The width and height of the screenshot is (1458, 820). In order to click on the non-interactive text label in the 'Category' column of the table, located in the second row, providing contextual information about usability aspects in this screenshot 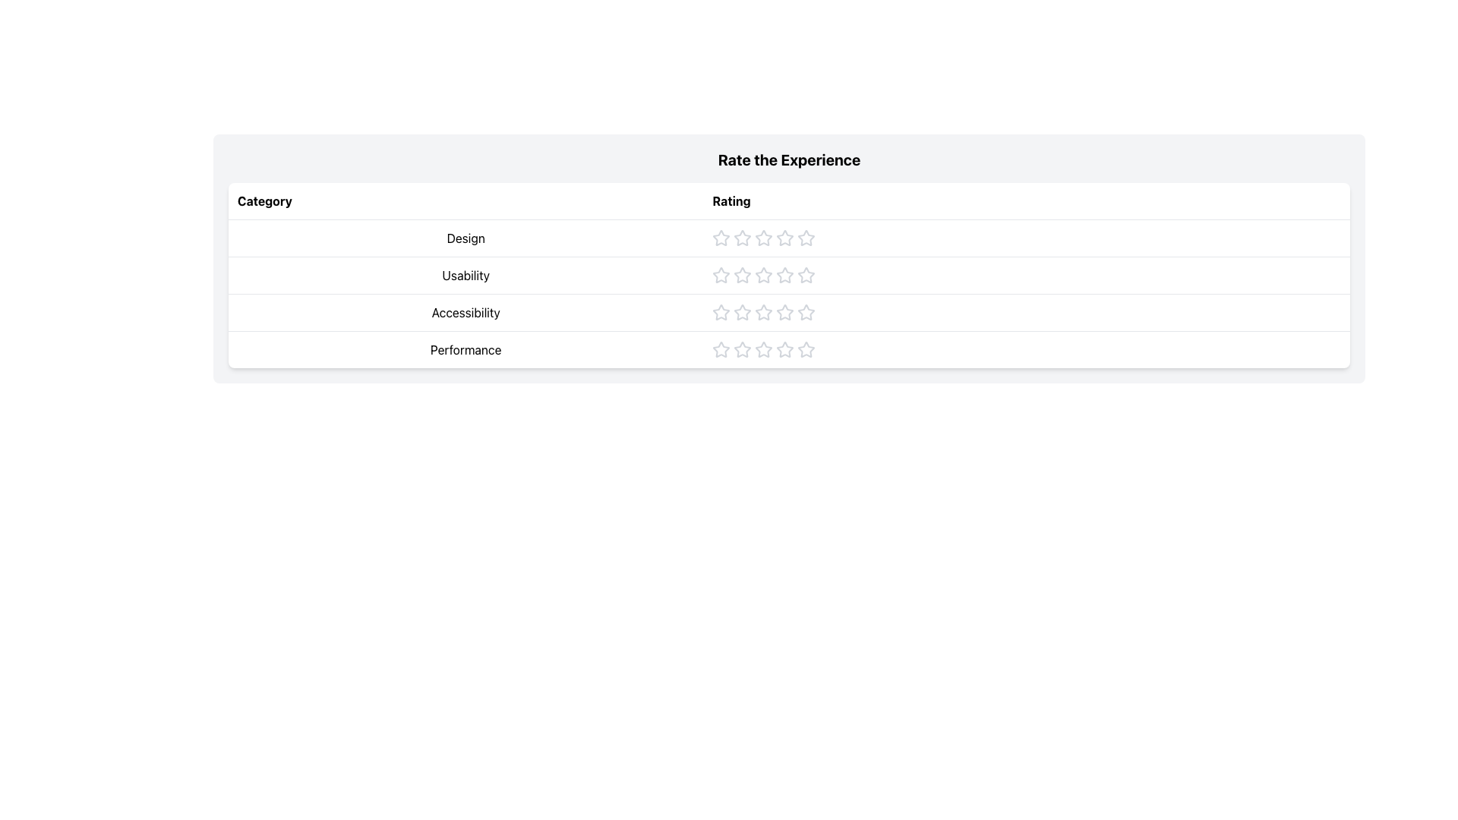, I will do `click(465, 275)`.